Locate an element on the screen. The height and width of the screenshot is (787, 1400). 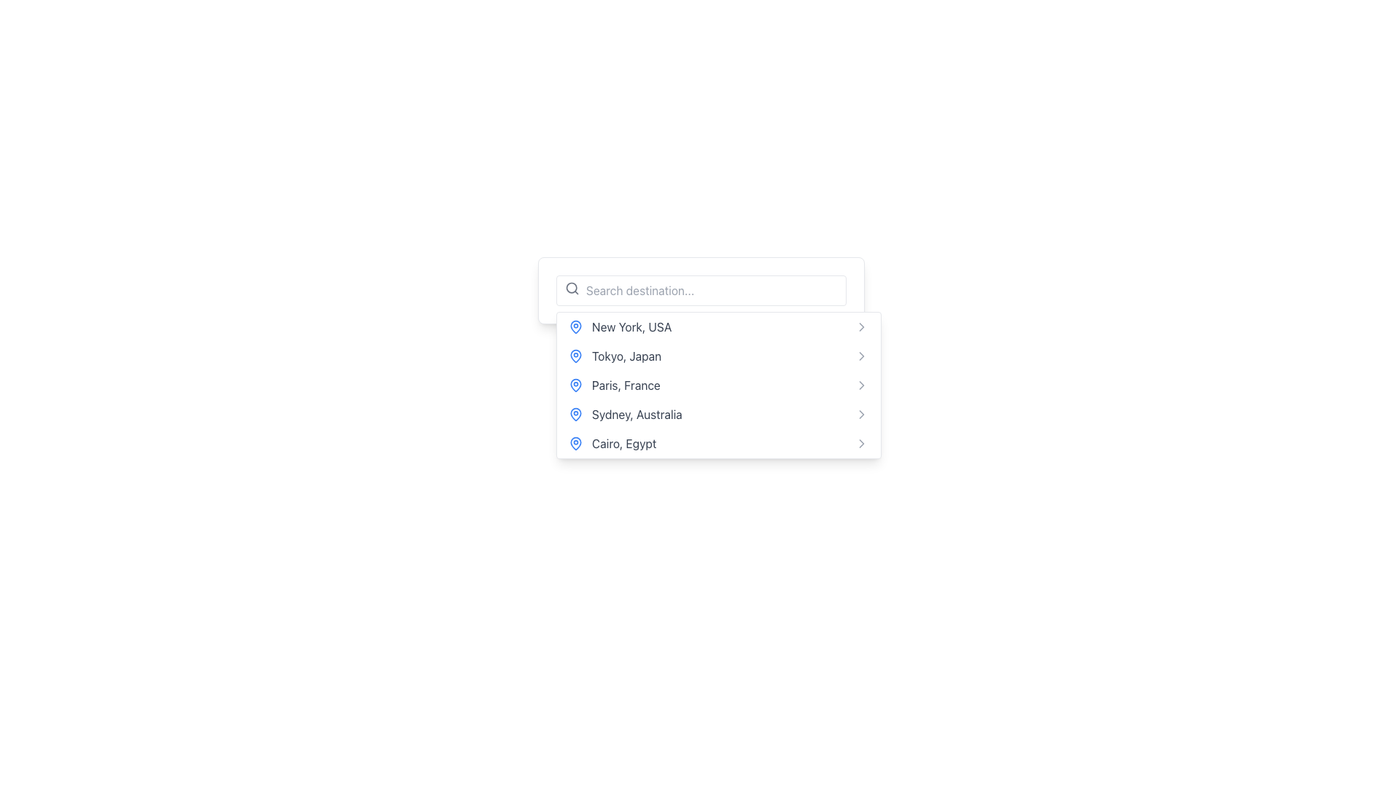
the right-pointing chevron icon, which is styled in gray and positioned next is located at coordinates (861, 356).